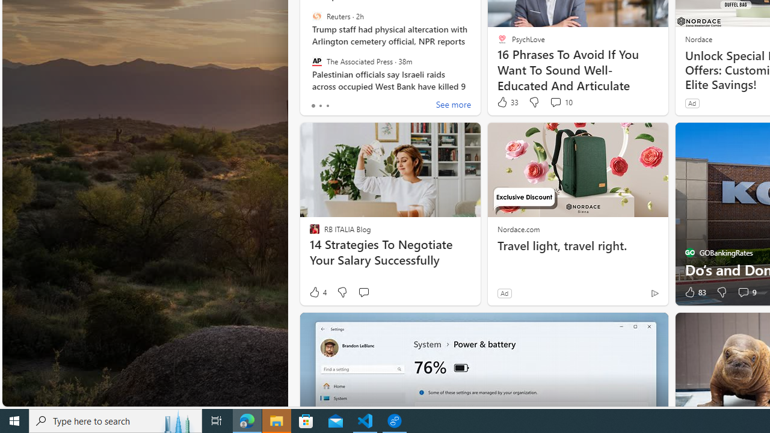 The image size is (770, 433). Describe the element at coordinates (560, 102) in the screenshot. I see `'View comments 10 Comment'` at that location.